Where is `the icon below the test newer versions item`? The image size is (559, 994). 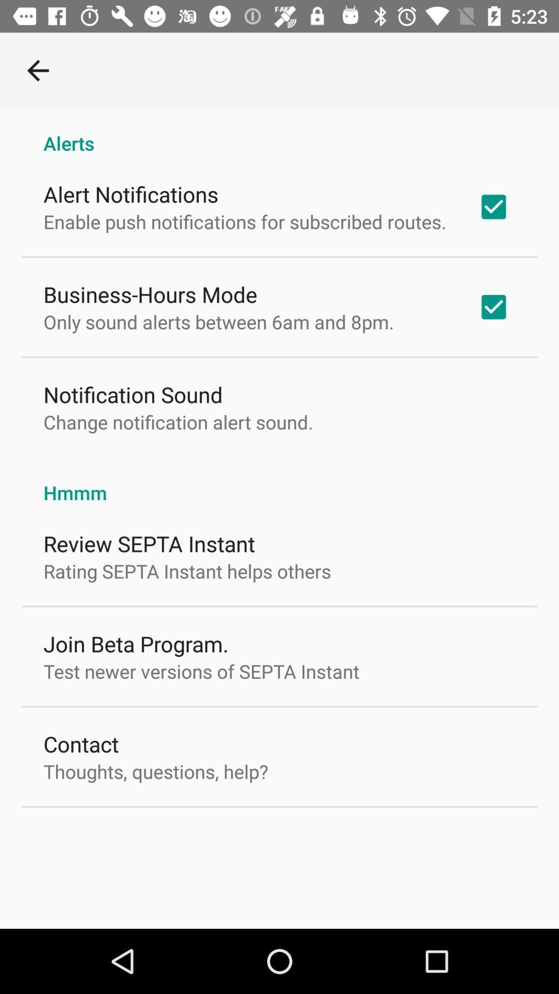 the icon below the test newer versions item is located at coordinates (80, 743).